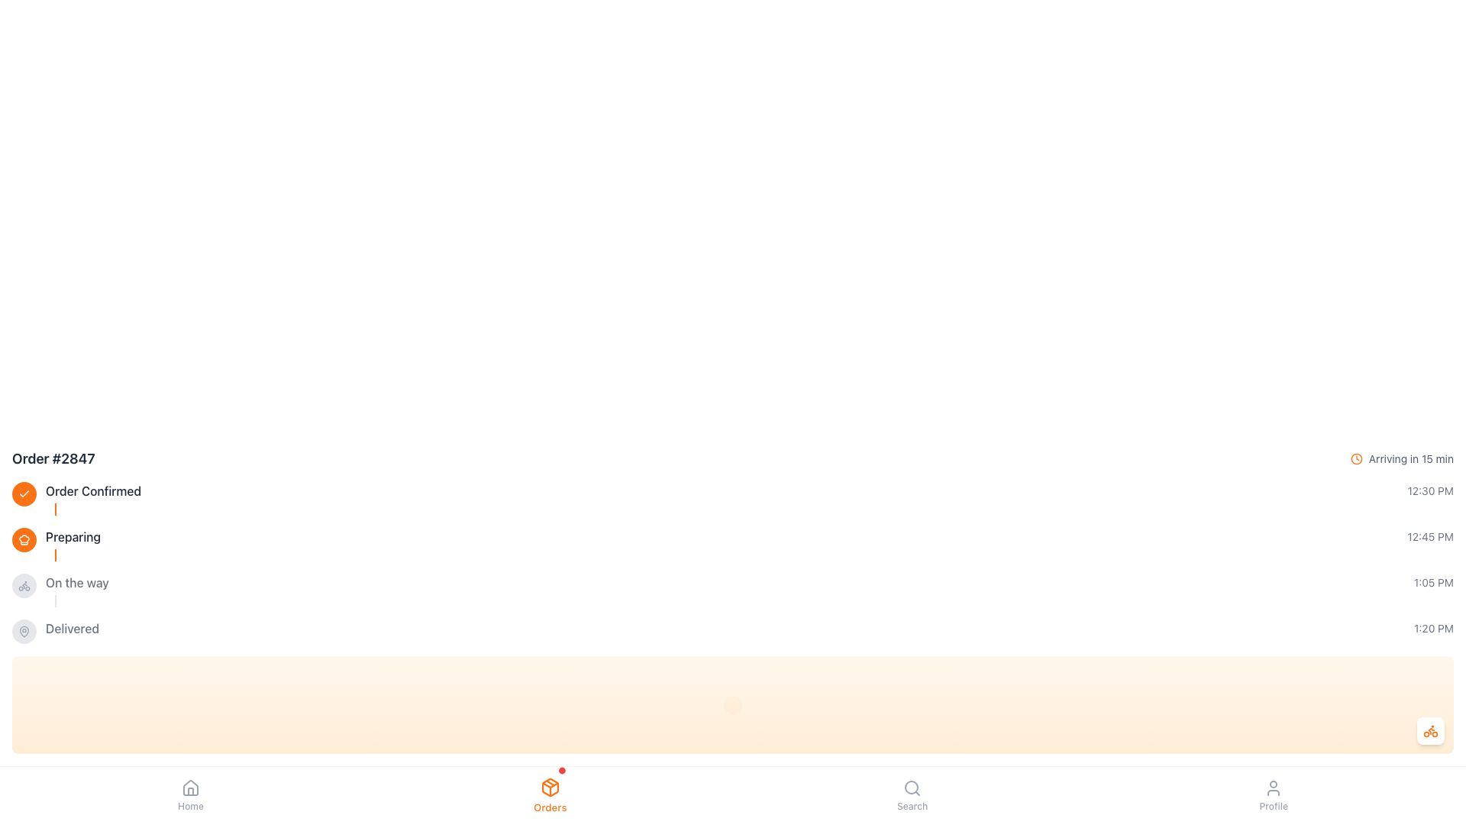  What do you see at coordinates (189, 806) in the screenshot?
I see `text from the Home label located in the leftmost position of the navigation bar at the bottom of the interface, which serves as a textual label for the home icon above it` at bounding box center [189, 806].